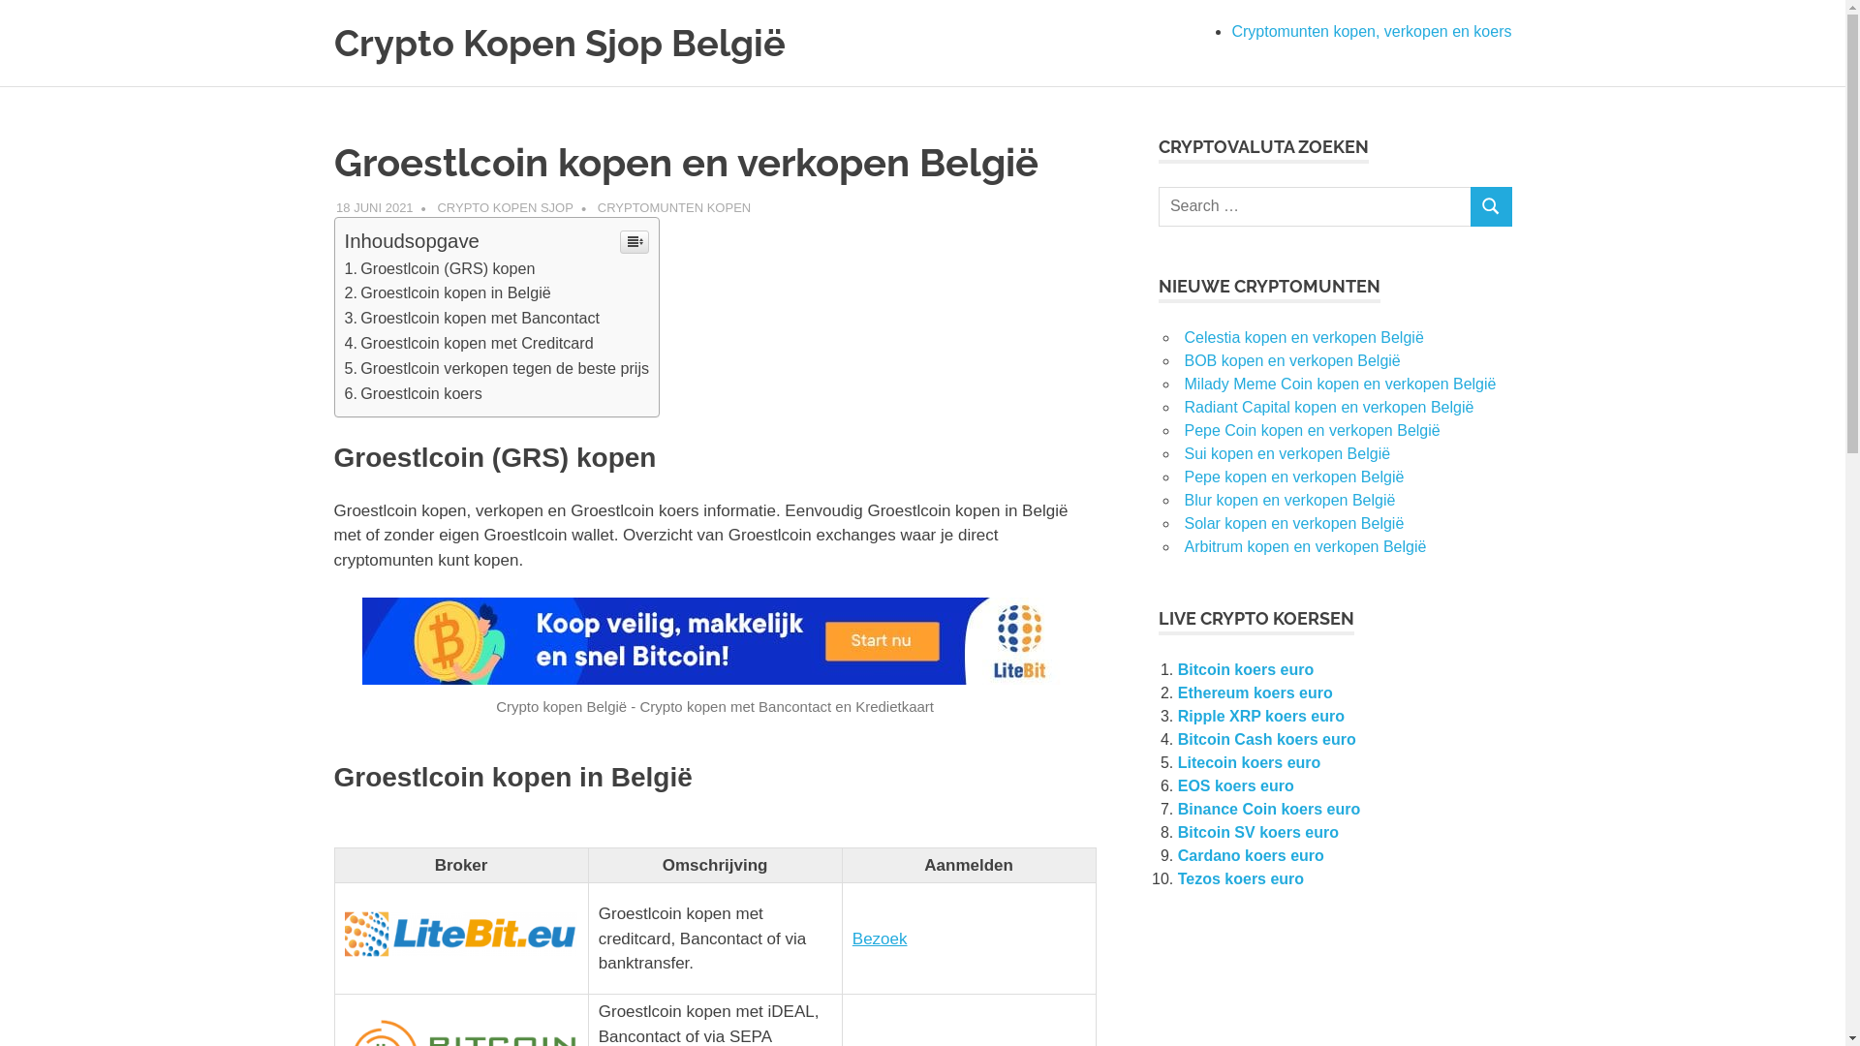 This screenshot has height=1046, width=1860. Describe the element at coordinates (1370, 31) in the screenshot. I see `'Cryptomunten kopen, verkopen en koers'` at that location.